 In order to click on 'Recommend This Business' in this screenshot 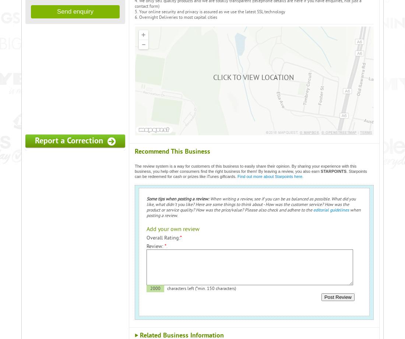, I will do `click(172, 151)`.